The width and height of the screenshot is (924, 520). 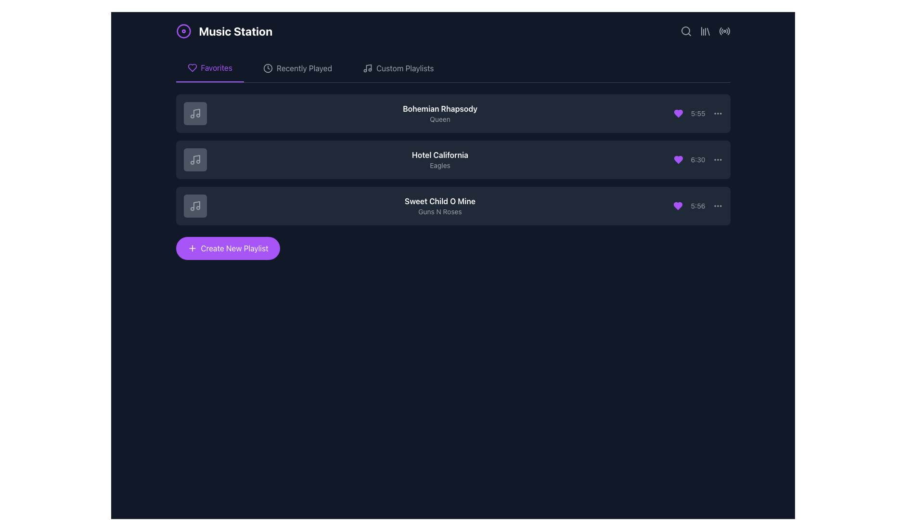 What do you see at coordinates (196, 112) in the screenshot?
I see `the musical note icon located at the top-left corner of the first playlist item in the 'Favorites' tab, which is embedded inside a gray square icon` at bounding box center [196, 112].